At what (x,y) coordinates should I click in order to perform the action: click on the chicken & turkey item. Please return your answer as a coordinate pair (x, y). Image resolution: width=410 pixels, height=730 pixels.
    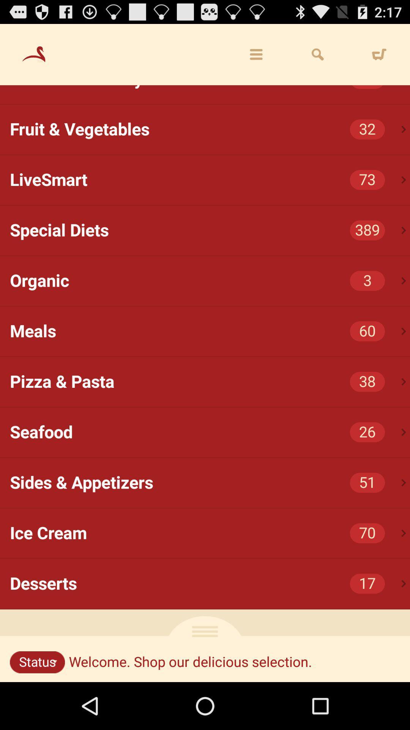
    Looking at the image, I should click on (210, 87).